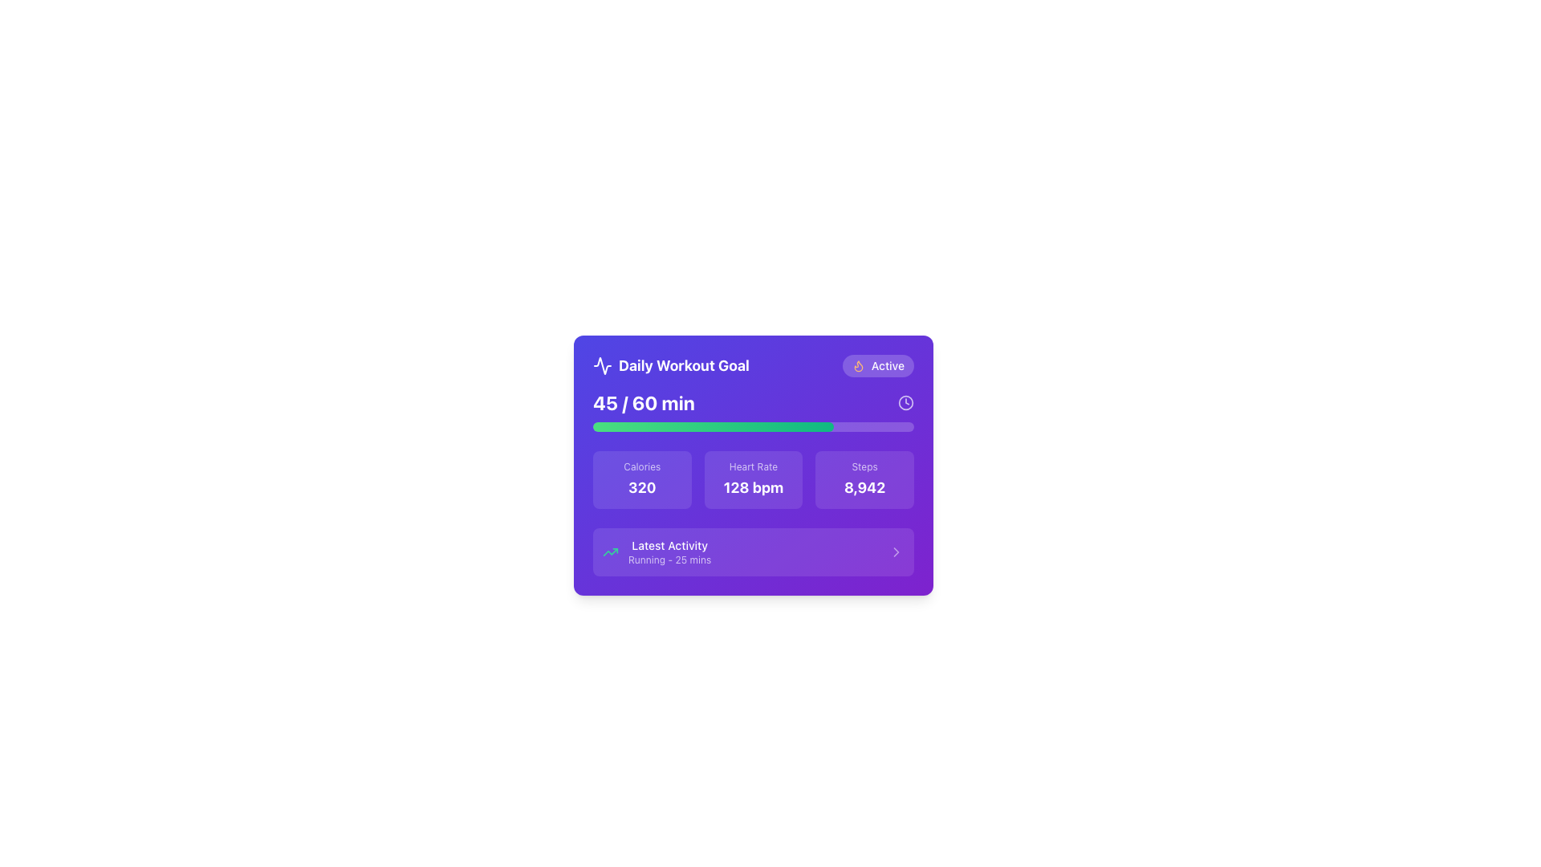  What do you see at coordinates (858, 366) in the screenshot?
I see `the flame-shaped icon filled with orange accents, located in the top-right section of the 'Daily Workout Goal' card, near the 'Active' label` at bounding box center [858, 366].